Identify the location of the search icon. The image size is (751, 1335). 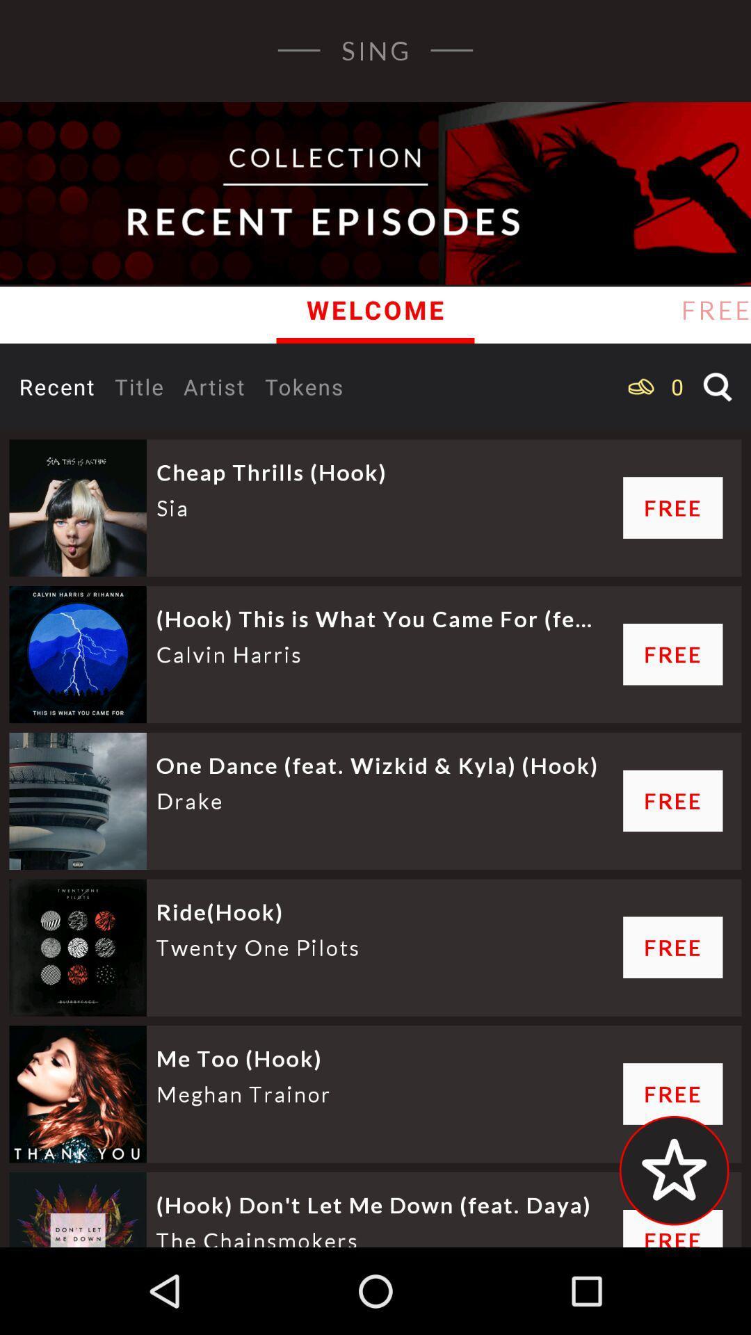
(718, 387).